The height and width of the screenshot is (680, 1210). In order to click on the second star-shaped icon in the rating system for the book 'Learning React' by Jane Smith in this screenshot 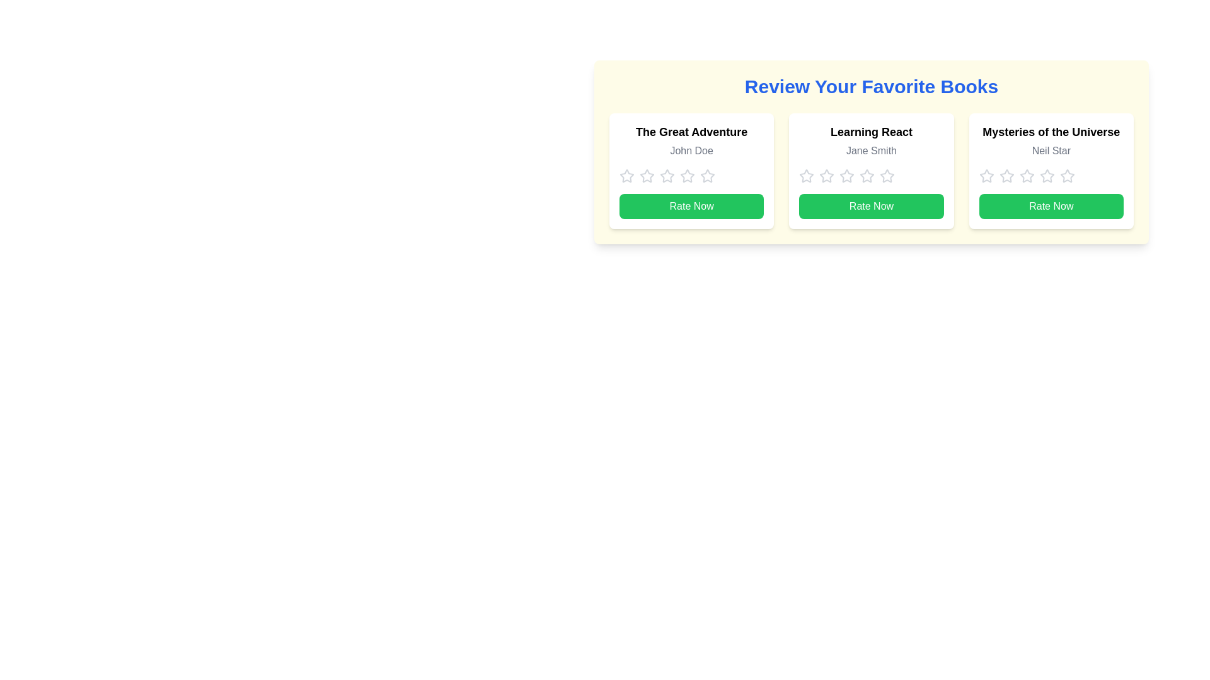, I will do `click(867, 175)`.